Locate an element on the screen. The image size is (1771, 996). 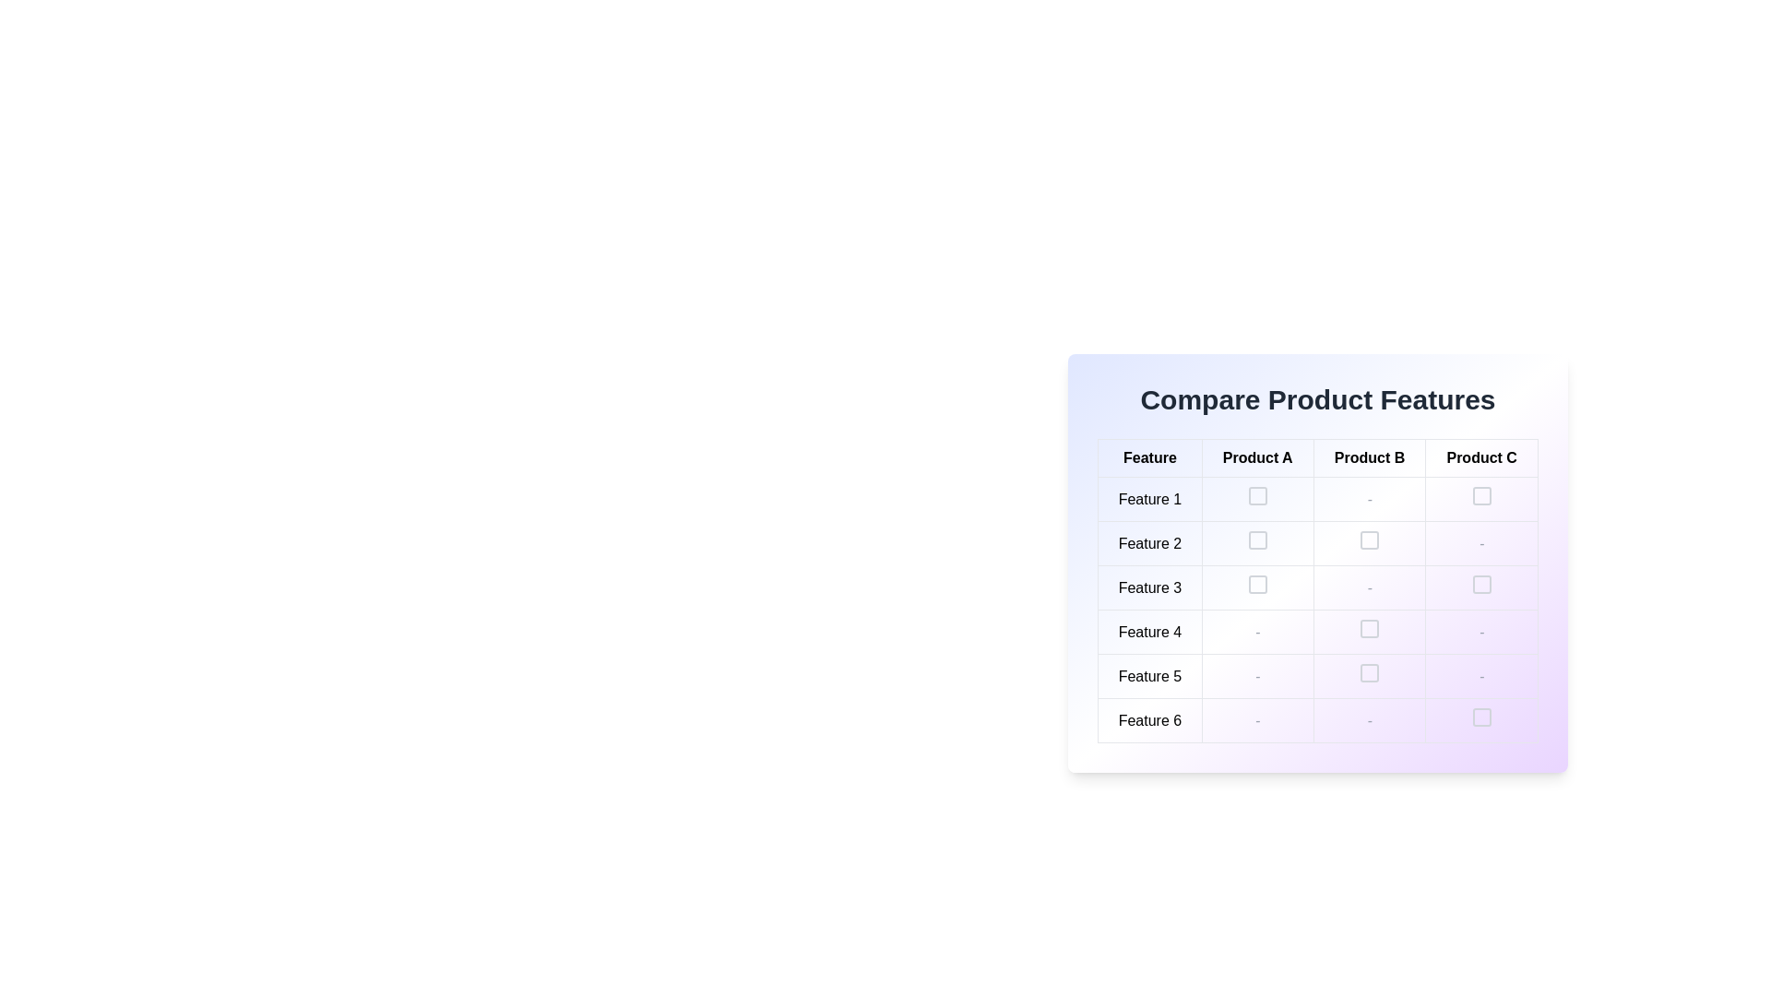
the empty checkbox located in the 4th column under 'Product C' heading, aligned with the 'Feature 1' row is located at coordinates (1481, 499).